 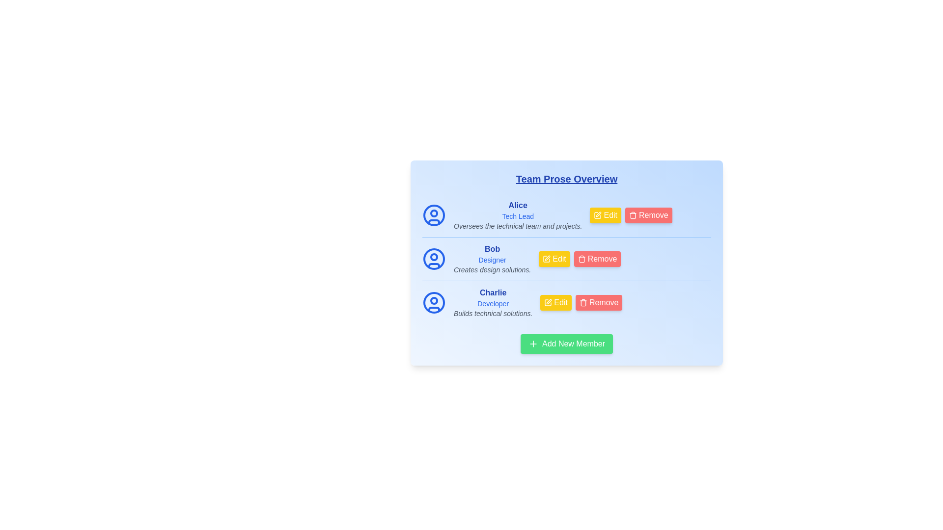 What do you see at coordinates (631, 215) in the screenshot?
I see `the 'Remove' button, which is a rectangular button with a red background and white text, located to the right of the 'Edit' button in the profile of 'Alice'` at bounding box center [631, 215].